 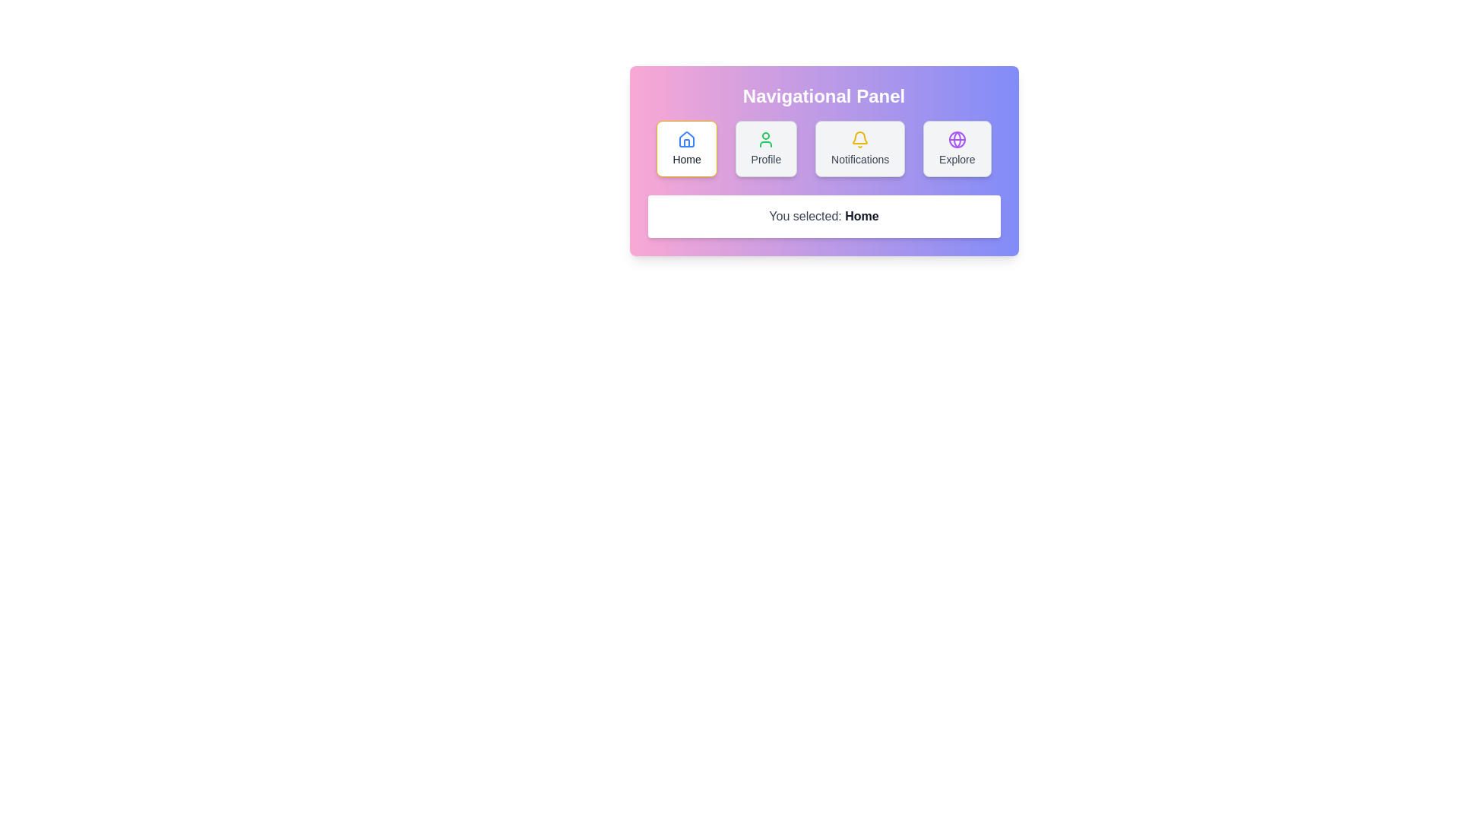 What do you see at coordinates (862, 216) in the screenshot?
I see `the bold text label displaying 'Home' in black font, which is located within a white box under the 'Navigational Panel'` at bounding box center [862, 216].